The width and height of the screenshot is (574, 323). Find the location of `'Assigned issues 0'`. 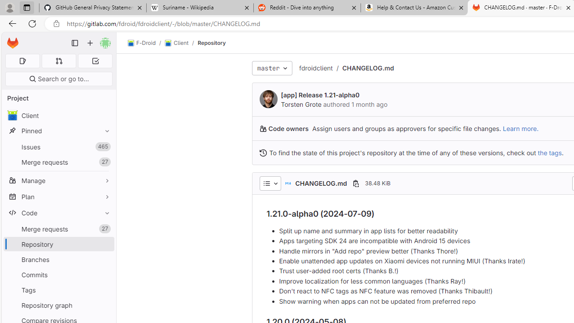

'Assigned issues 0' is located at coordinates (22, 61).